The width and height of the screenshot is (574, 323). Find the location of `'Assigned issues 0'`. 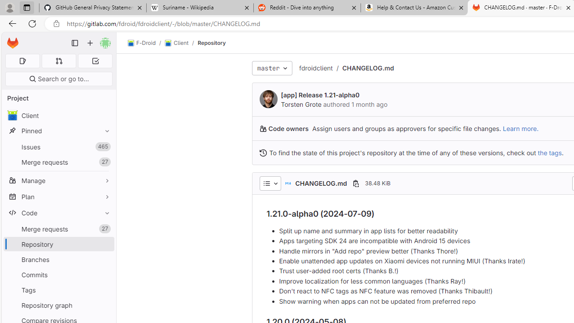

'Assigned issues 0' is located at coordinates (22, 61).